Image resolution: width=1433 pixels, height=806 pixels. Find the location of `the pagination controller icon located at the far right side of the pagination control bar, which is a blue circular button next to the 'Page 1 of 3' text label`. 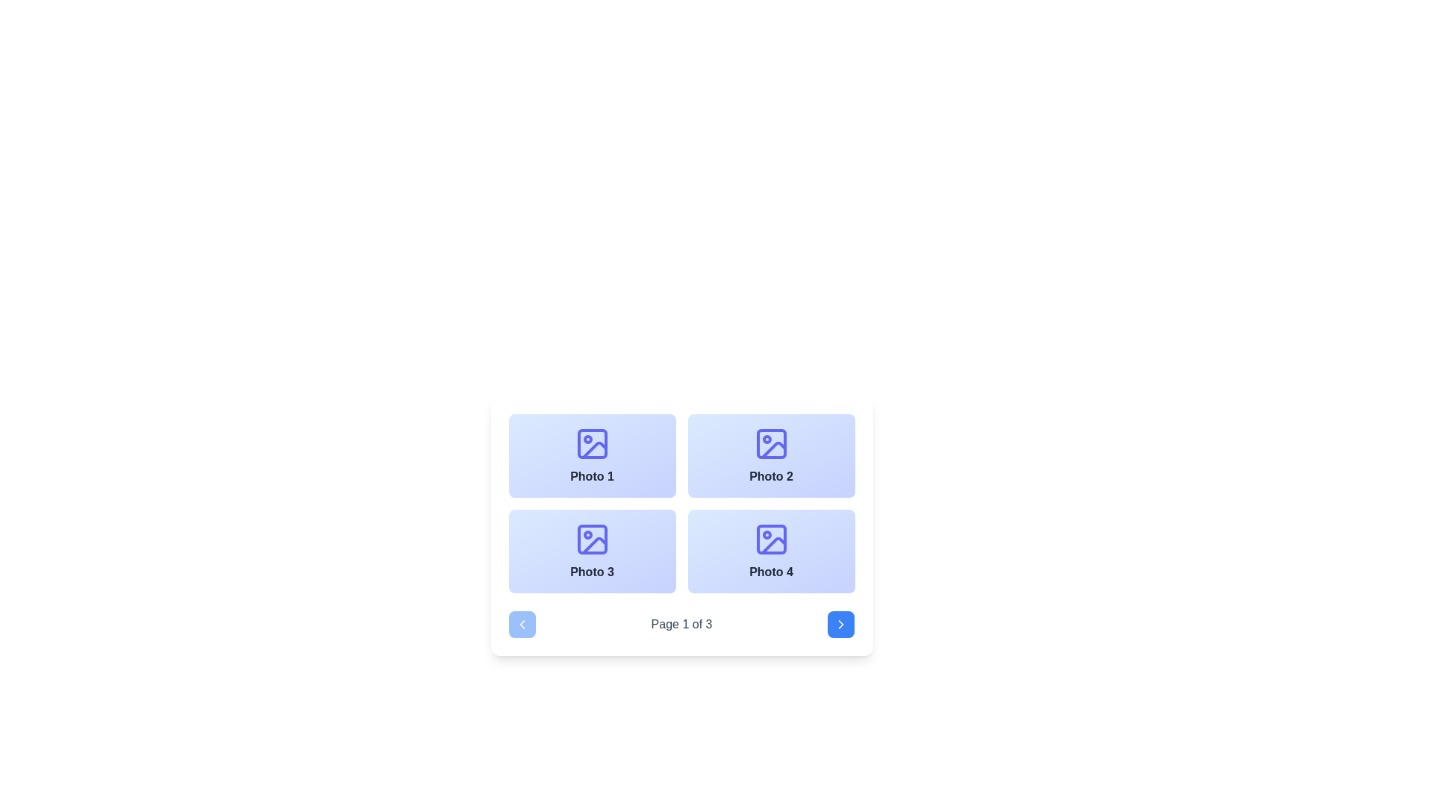

the pagination controller icon located at the far right side of the pagination control bar, which is a blue circular button next to the 'Page 1 of 3' text label is located at coordinates (841, 625).